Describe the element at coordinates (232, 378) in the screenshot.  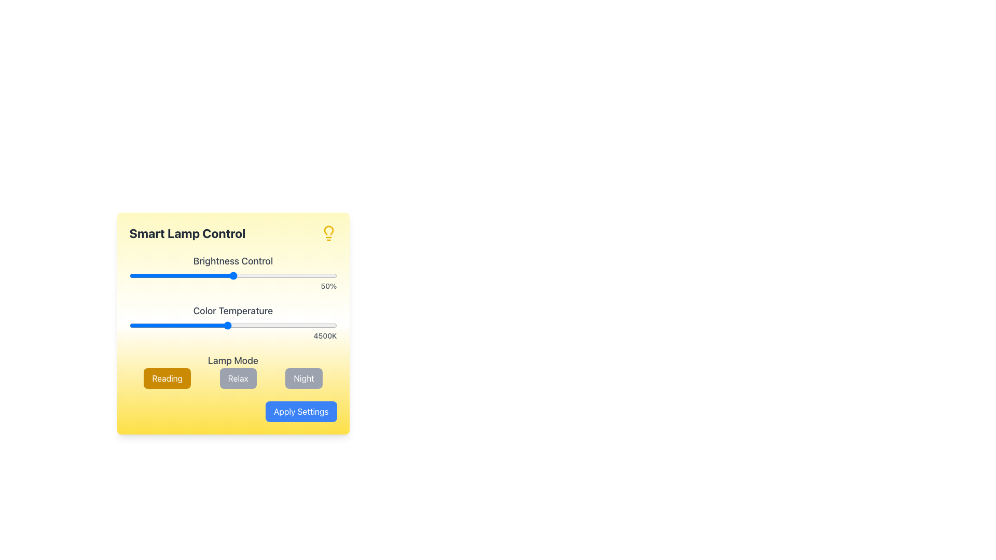
I see `the 'Relax' button, which is the second button in the 'Lamp Mode' section, distinguished by its gray background and white text` at that location.